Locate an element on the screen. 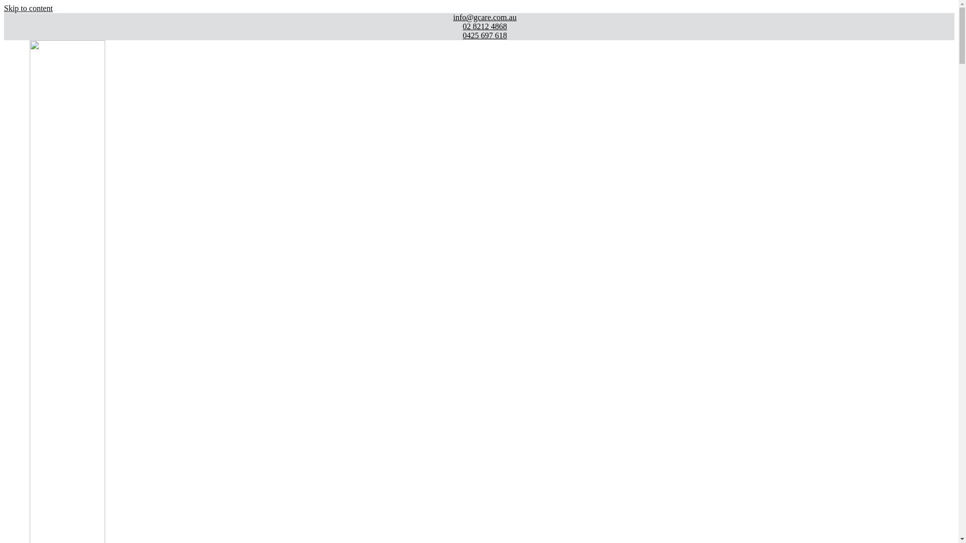 This screenshot has width=966, height=543. 'info@gcare.com.au' is located at coordinates (9, 17).